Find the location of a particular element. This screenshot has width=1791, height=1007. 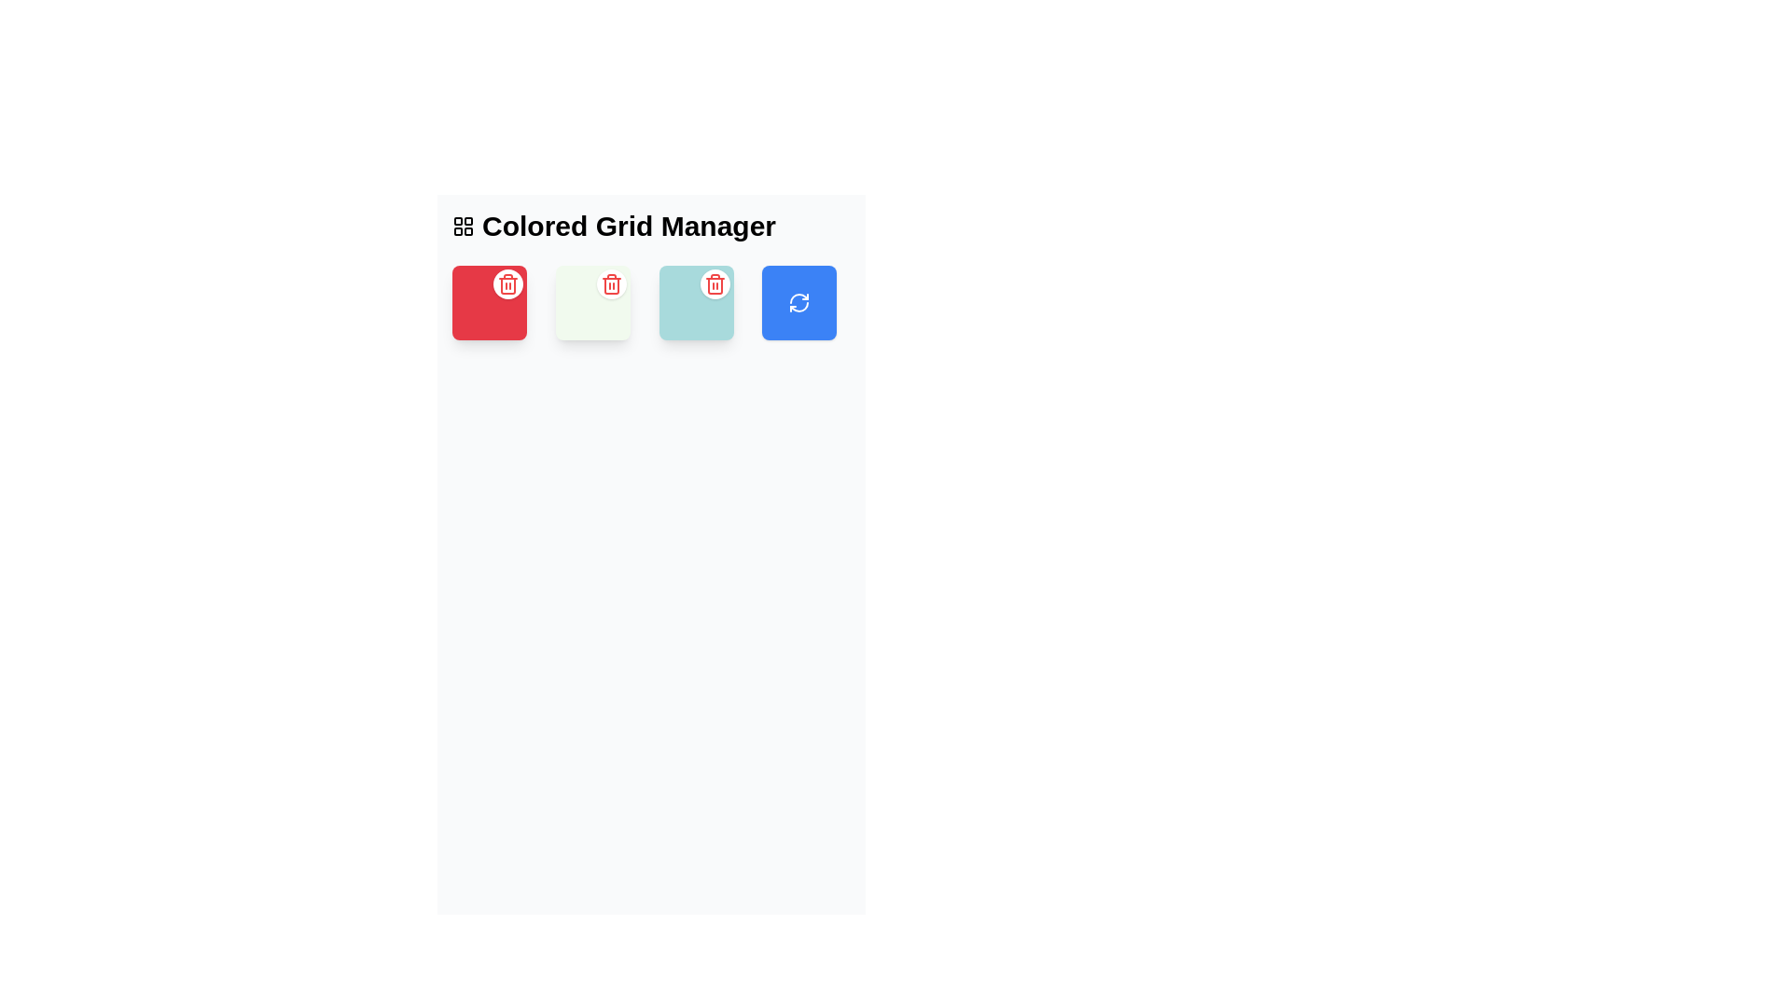

the trash icon of the second deletable tile in a grid layout, located between a red box and a light blue box is located at coordinates (591, 301).